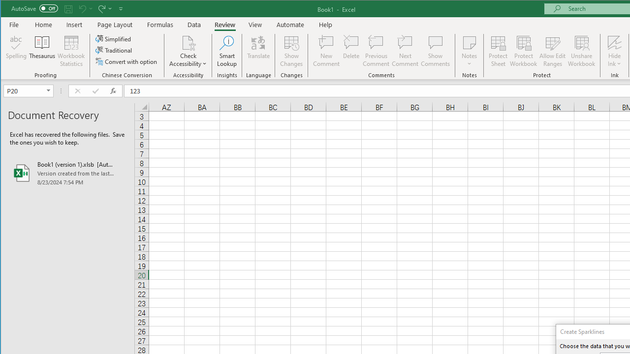  What do you see at coordinates (28, 91) in the screenshot?
I see `'Name Box'` at bounding box center [28, 91].